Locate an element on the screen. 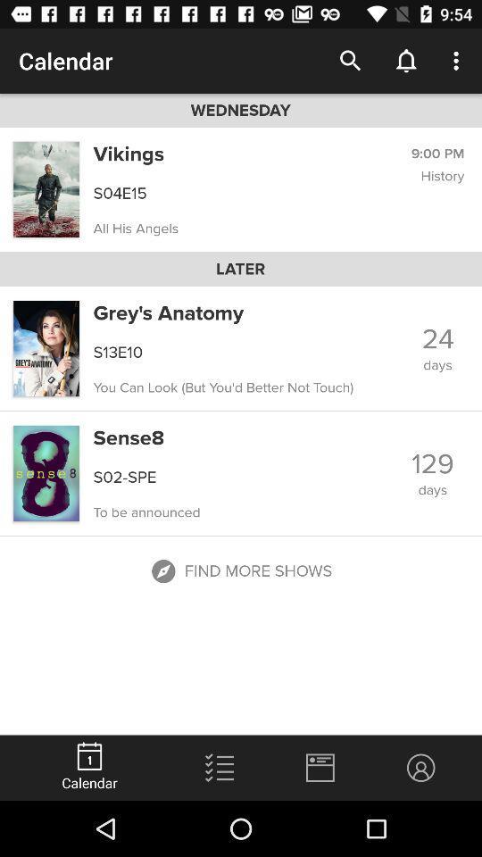 This screenshot has width=482, height=857. user profile icon is located at coordinates (421, 767).